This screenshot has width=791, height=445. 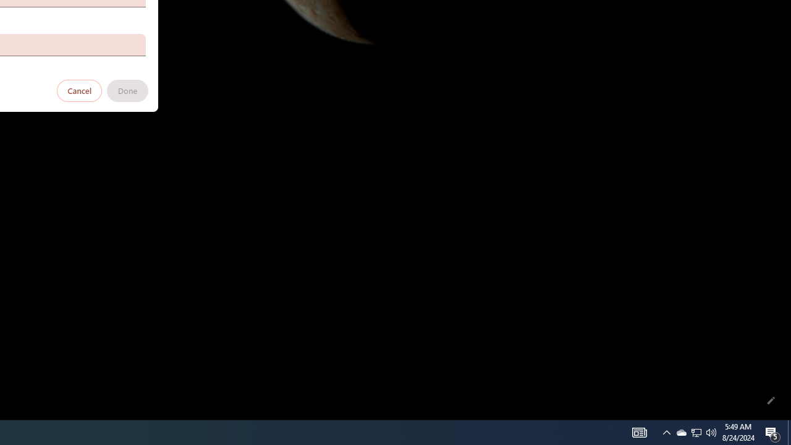 I want to click on 'Cancel', so click(x=79, y=90).